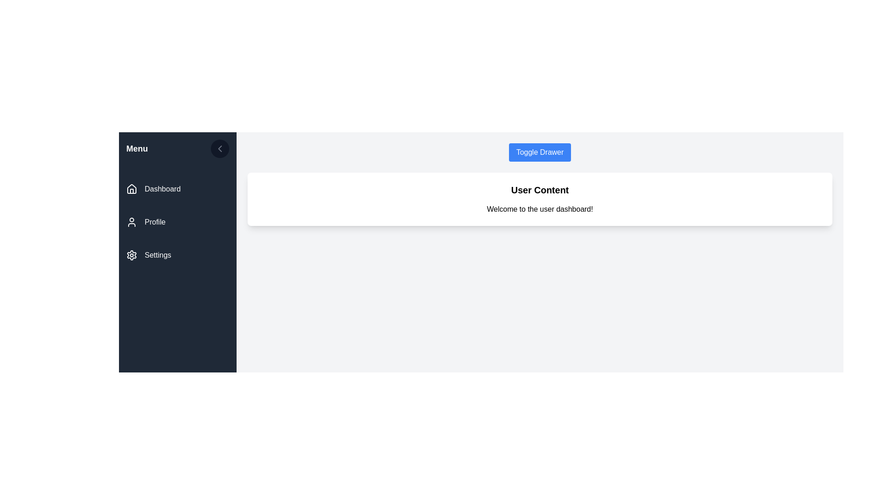  What do you see at coordinates (540, 189) in the screenshot?
I see `the Label or Header Text element, which serves as a title for the content below it, positioned above the 'Welcome to the user dashboard!' text in a white card` at bounding box center [540, 189].